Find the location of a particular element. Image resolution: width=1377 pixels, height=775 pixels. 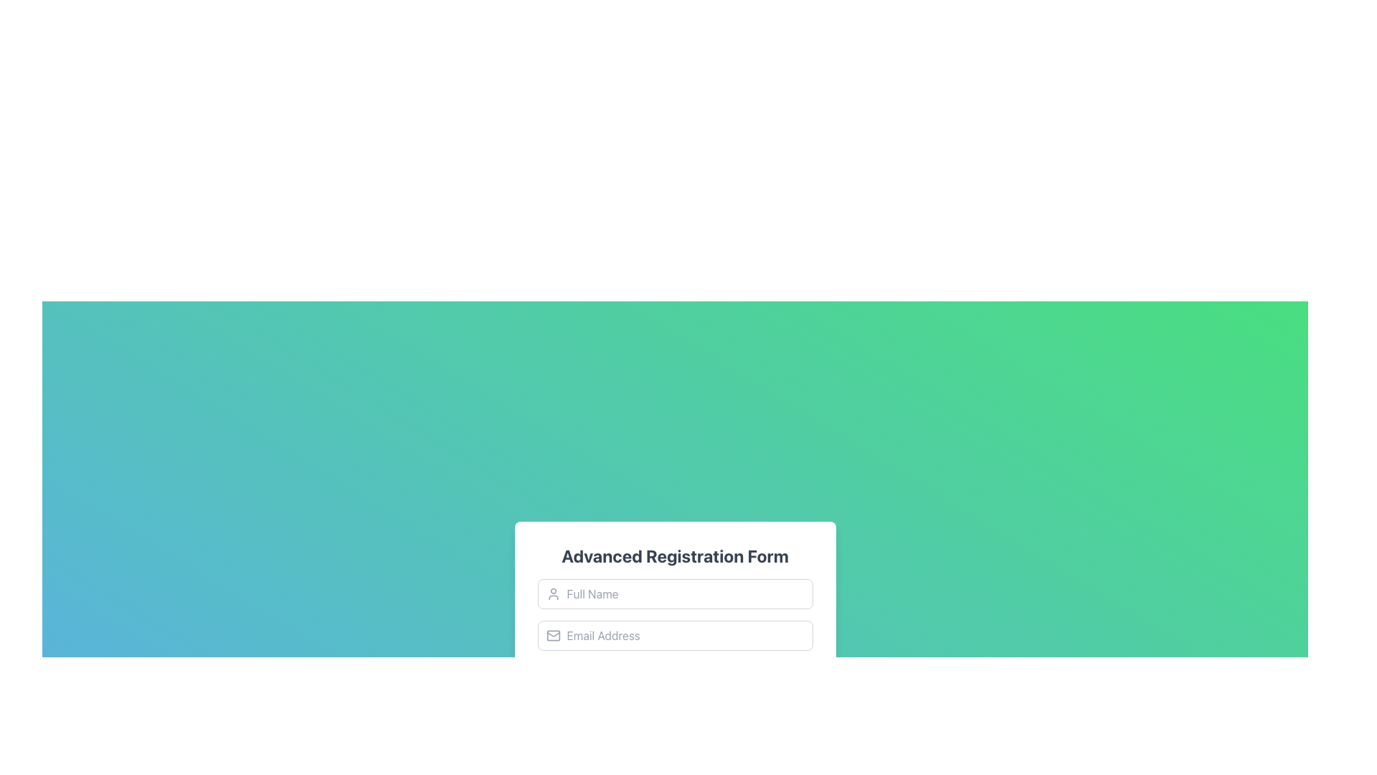

the SVG graphic component representing the body of the envelope icon located inside the email input field, enhancing the visual indication of the email address section is located at coordinates (552, 635).